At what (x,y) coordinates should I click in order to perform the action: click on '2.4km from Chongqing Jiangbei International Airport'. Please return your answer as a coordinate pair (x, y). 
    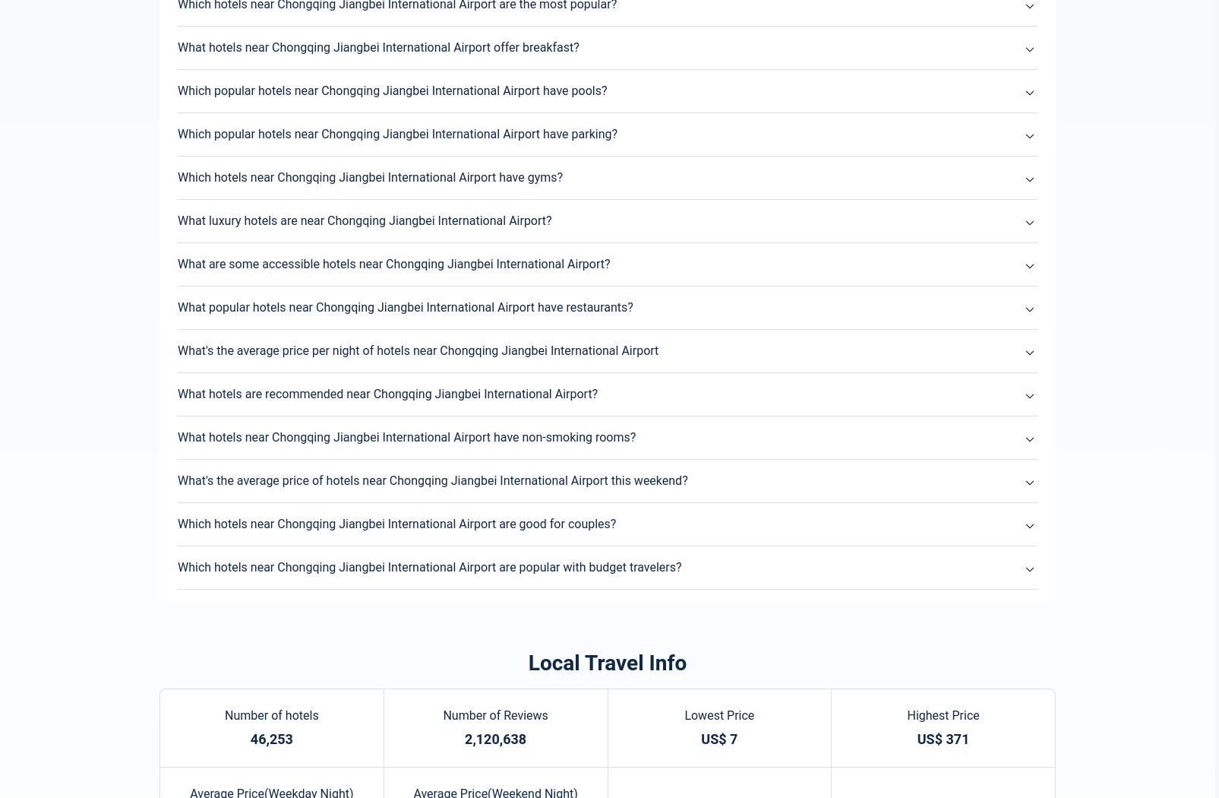
    Looking at the image, I should click on (482, 412).